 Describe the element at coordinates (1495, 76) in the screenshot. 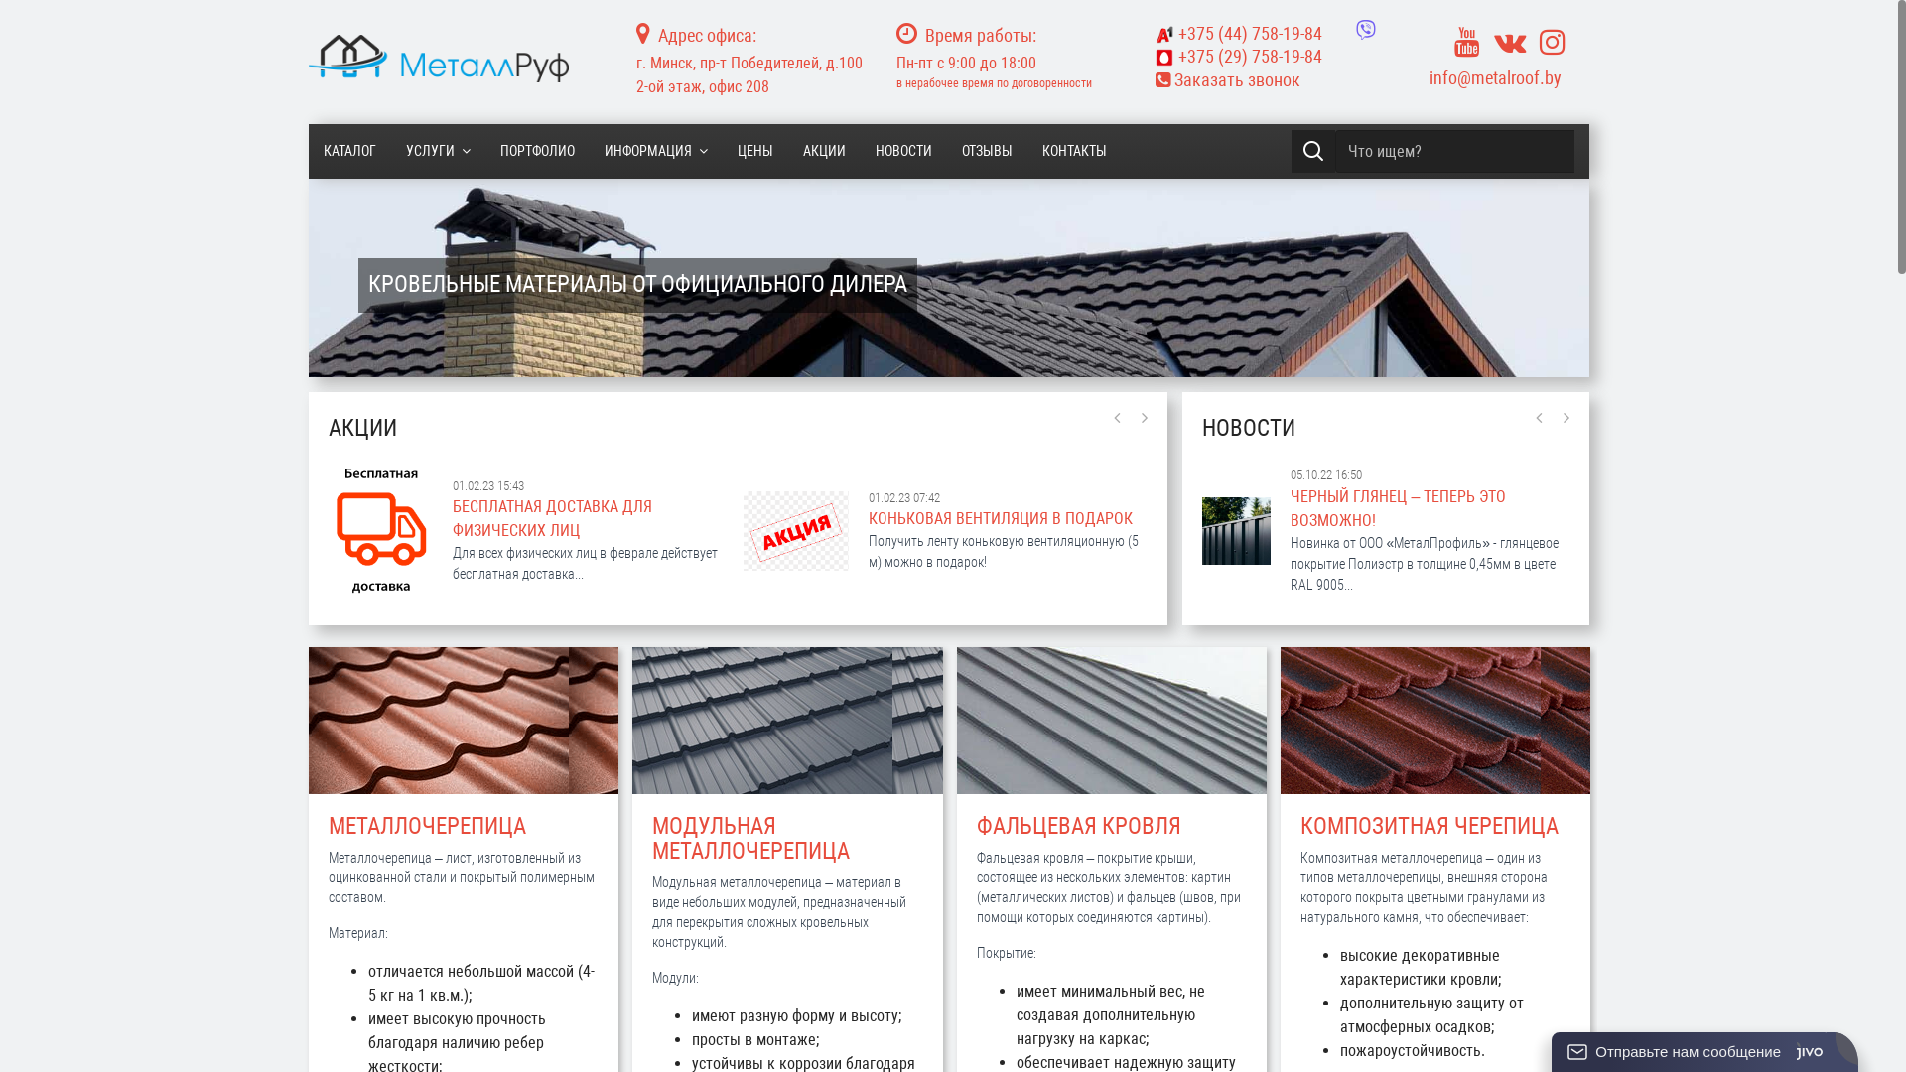

I see `'info@metalroof.by'` at that location.